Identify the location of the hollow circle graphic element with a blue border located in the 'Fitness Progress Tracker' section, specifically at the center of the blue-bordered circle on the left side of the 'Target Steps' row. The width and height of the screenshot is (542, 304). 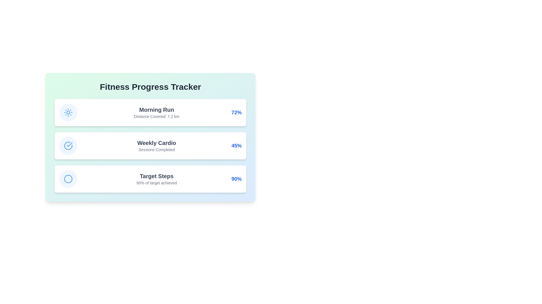
(68, 179).